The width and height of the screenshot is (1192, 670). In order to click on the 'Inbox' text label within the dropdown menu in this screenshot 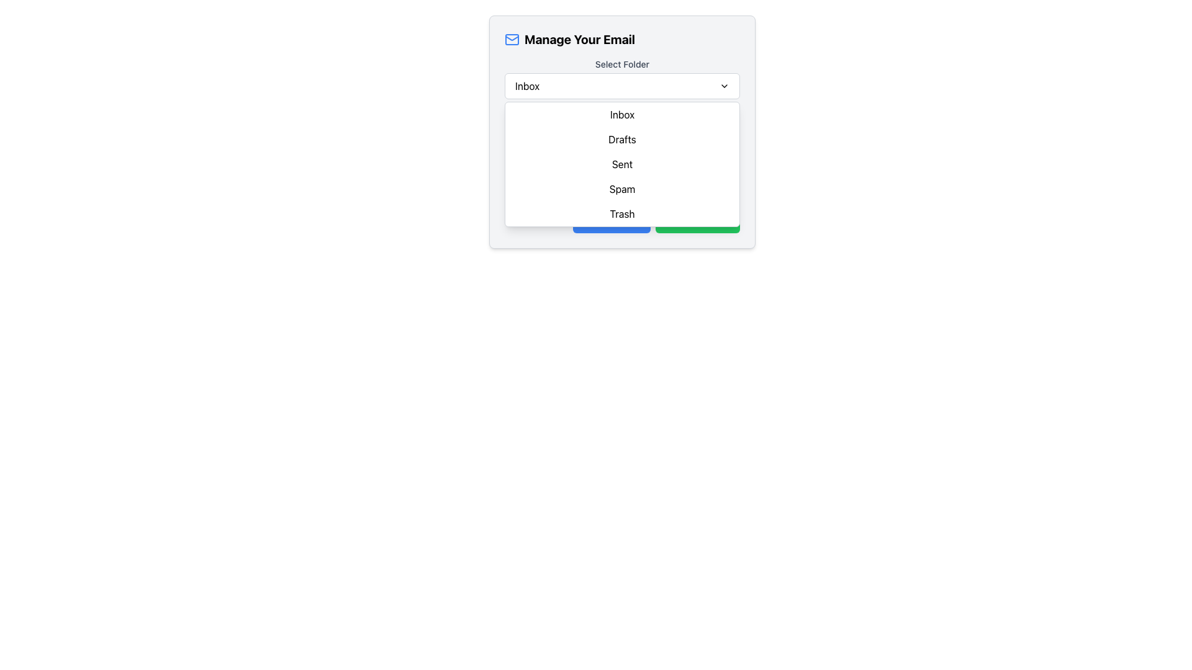, I will do `click(622, 115)`.